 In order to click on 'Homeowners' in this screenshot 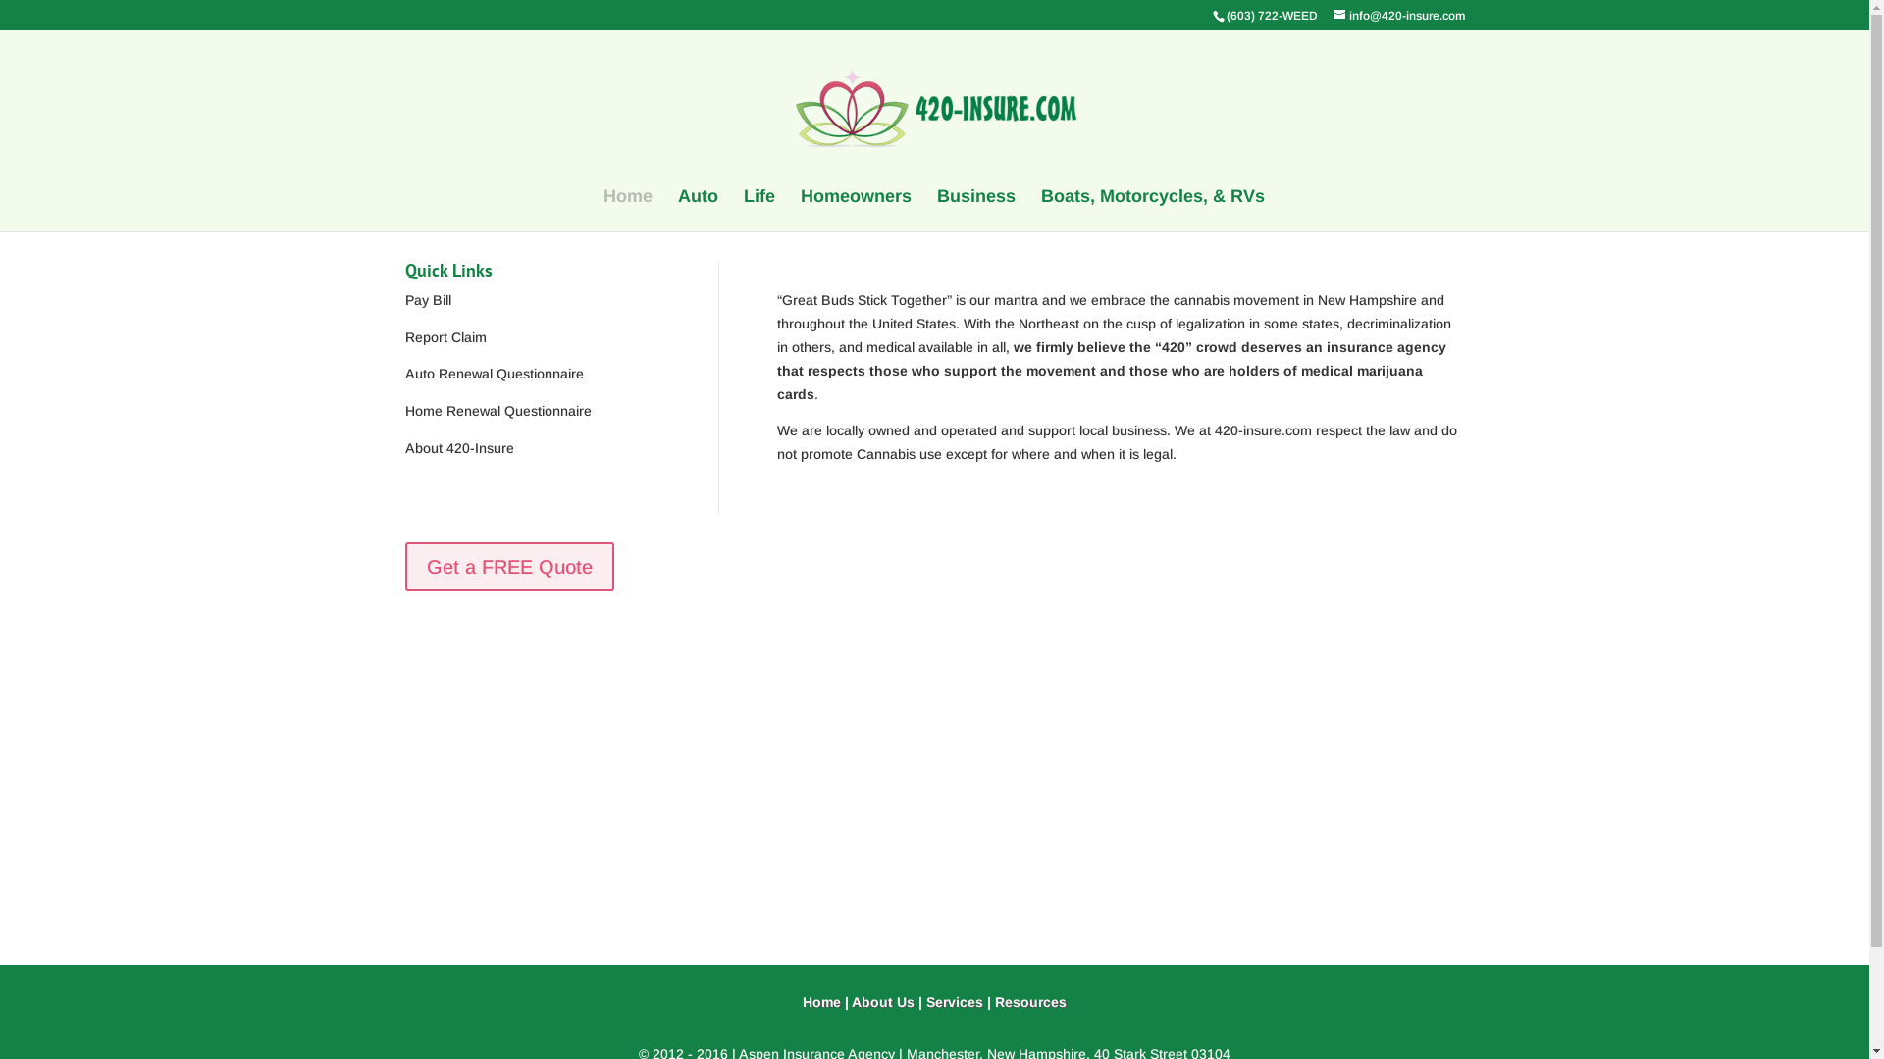, I will do `click(856, 210)`.